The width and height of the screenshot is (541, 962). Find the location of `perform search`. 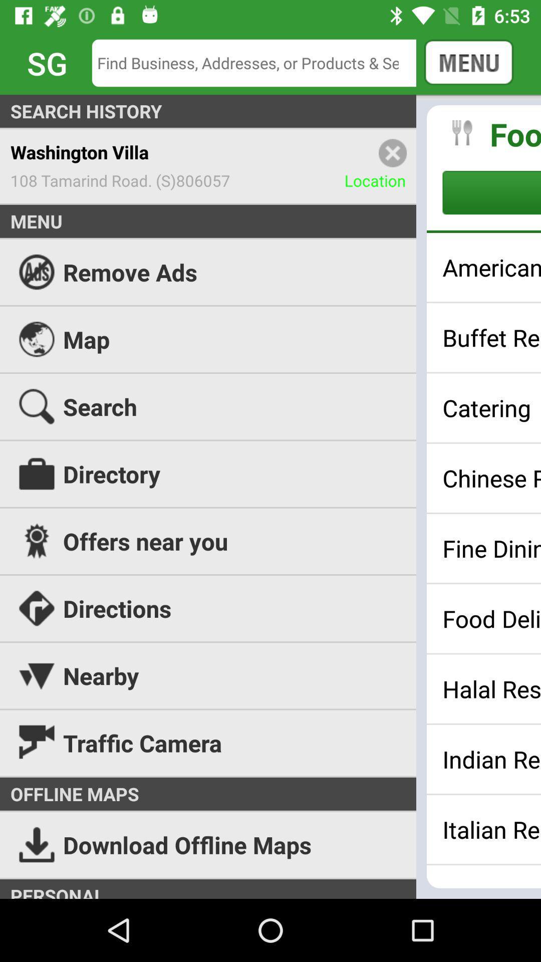

perform search is located at coordinates (261, 62).